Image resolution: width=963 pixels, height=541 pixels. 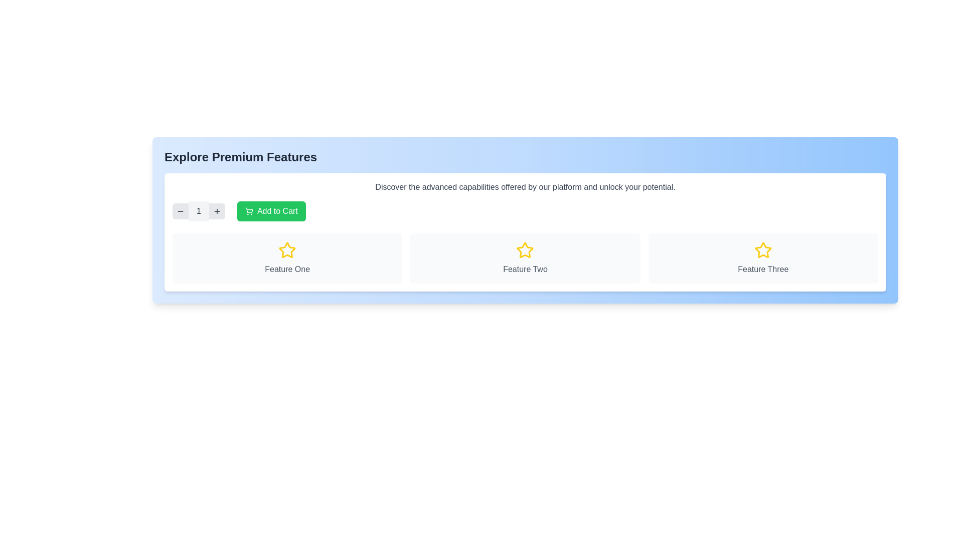 What do you see at coordinates (525, 187) in the screenshot?
I see `the text component displaying 'Discover the advanced capabilities offered by our platform and unlock your potential.' to read the full text` at bounding box center [525, 187].